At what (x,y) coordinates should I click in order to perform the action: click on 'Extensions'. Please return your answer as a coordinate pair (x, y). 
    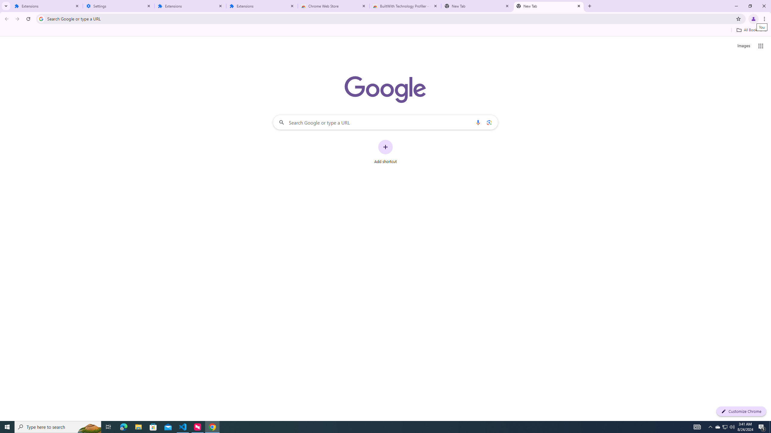
    Looking at the image, I should click on (262, 6).